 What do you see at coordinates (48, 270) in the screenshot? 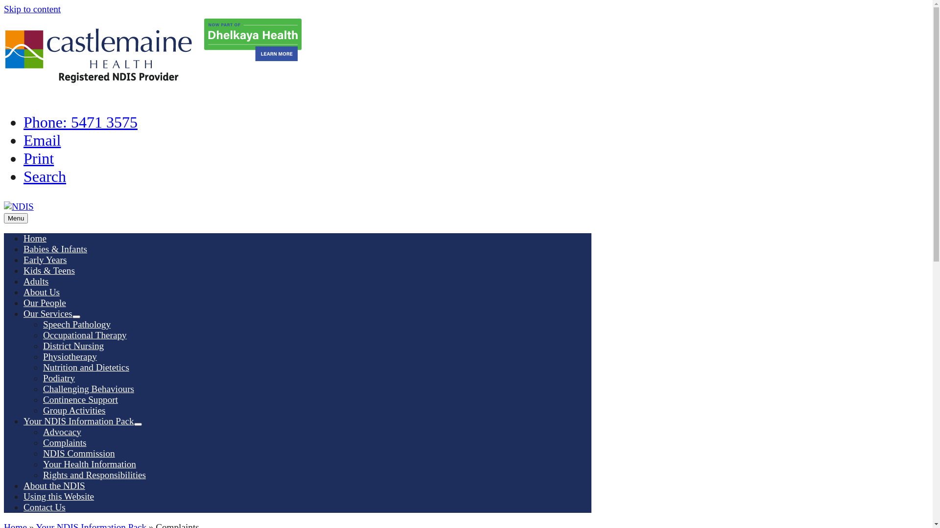
I see `'Kids & Teens'` at bounding box center [48, 270].